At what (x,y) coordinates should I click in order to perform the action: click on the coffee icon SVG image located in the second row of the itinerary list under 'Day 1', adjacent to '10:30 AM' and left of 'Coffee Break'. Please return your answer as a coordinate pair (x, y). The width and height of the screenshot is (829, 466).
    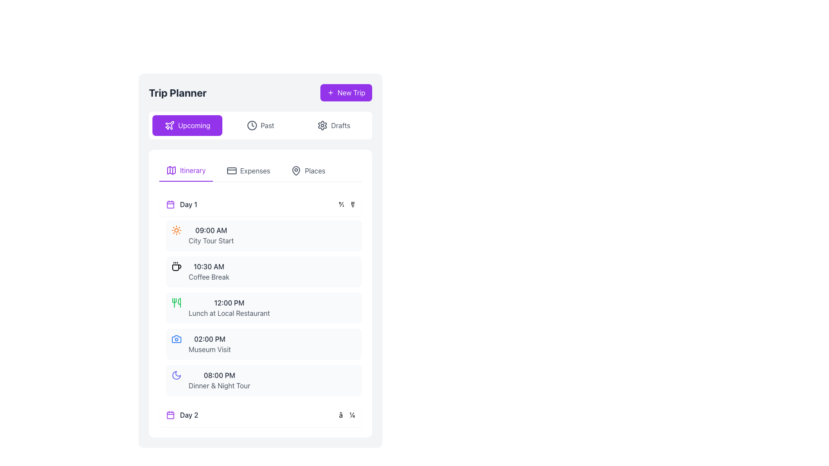
    Looking at the image, I should click on (176, 266).